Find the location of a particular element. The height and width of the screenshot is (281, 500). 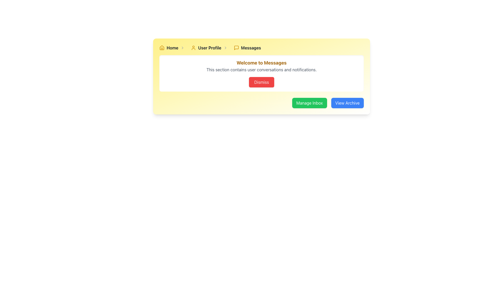

the 'Home' hyperlink in bold located in the navigation bar is located at coordinates (172, 48).